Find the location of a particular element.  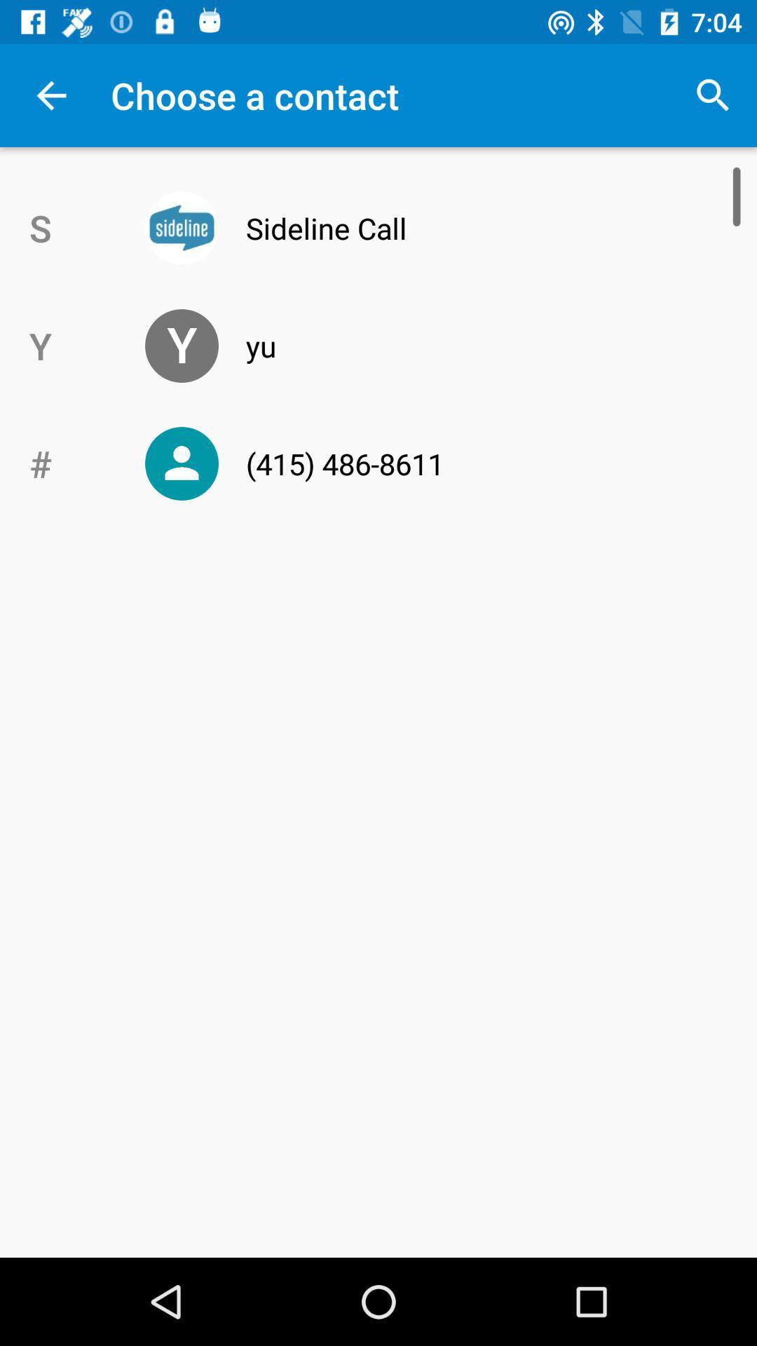

item next to choose a contact item is located at coordinates (713, 95).